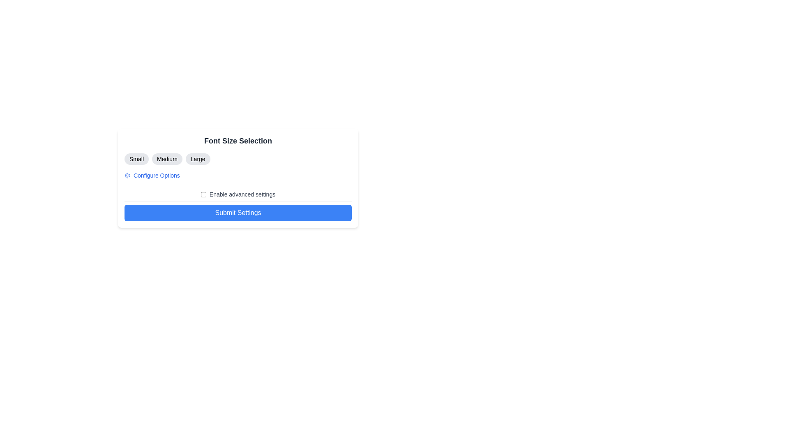  I want to click on the 'Medium' button, which is the second button in the 'Font Size Selection' section, so click(166, 159).